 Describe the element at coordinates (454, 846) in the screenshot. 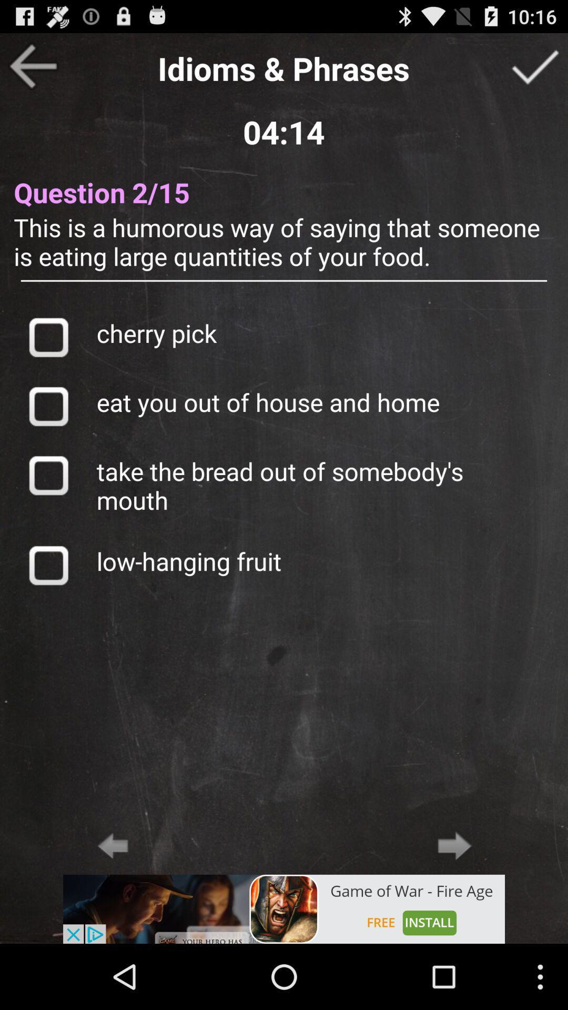

I see `next arrow icon` at that location.